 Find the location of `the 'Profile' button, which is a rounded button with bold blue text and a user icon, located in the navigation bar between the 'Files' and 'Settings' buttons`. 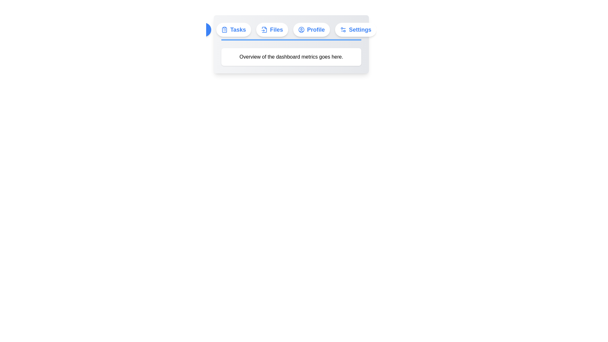

the 'Profile' button, which is a rounded button with bold blue text and a user icon, located in the navigation bar between the 'Files' and 'Settings' buttons is located at coordinates (311, 29).